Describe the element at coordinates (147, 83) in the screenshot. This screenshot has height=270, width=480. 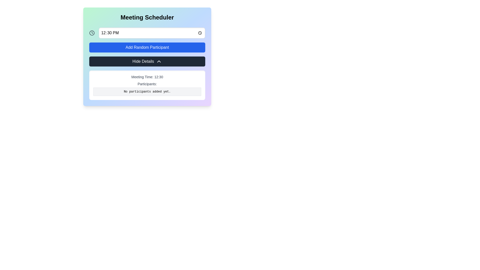
I see `the text element that serves as a heading for the participants of a meeting, positioned centrally beneath the 'Meeting Time: 12:30' text` at that location.